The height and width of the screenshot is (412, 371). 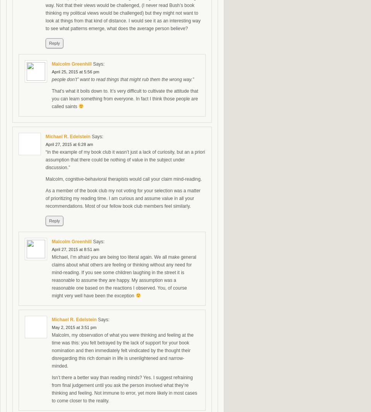 What do you see at coordinates (51, 71) in the screenshot?
I see `'April 25, 2015 at 5:56 pm'` at bounding box center [51, 71].